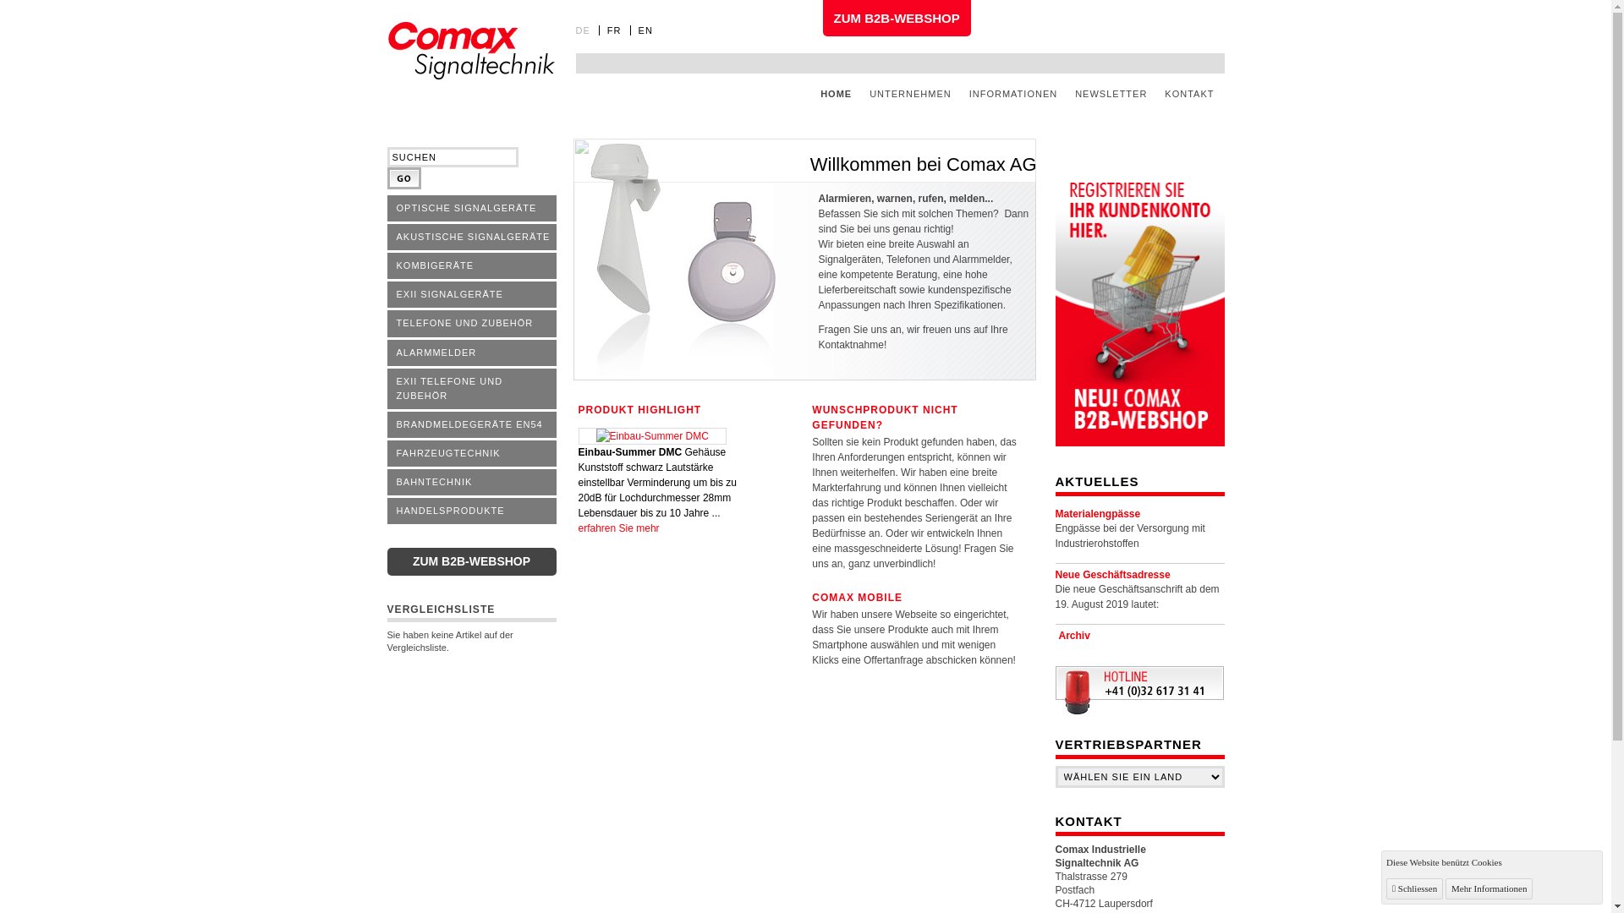 This screenshot has width=1624, height=913. What do you see at coordinates (471, 483) in the screenshot?
I see `'BAHNTECHNIK'` at bounding box center [471, 483].